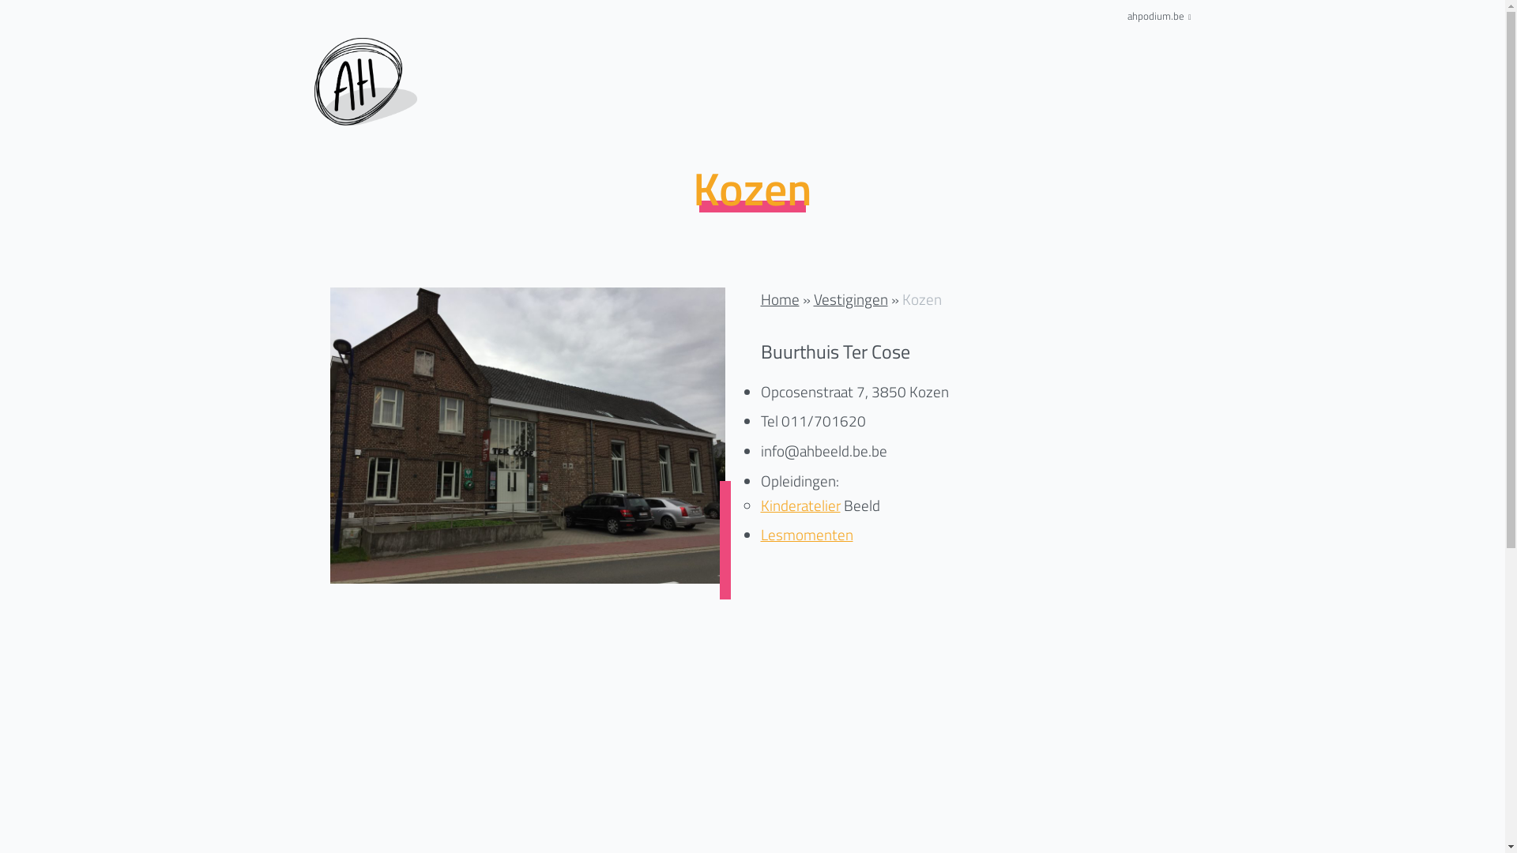 The height and width of the screenshot is (853, 1517). I want to click on 'Lesmomenten', so click(806, 533).